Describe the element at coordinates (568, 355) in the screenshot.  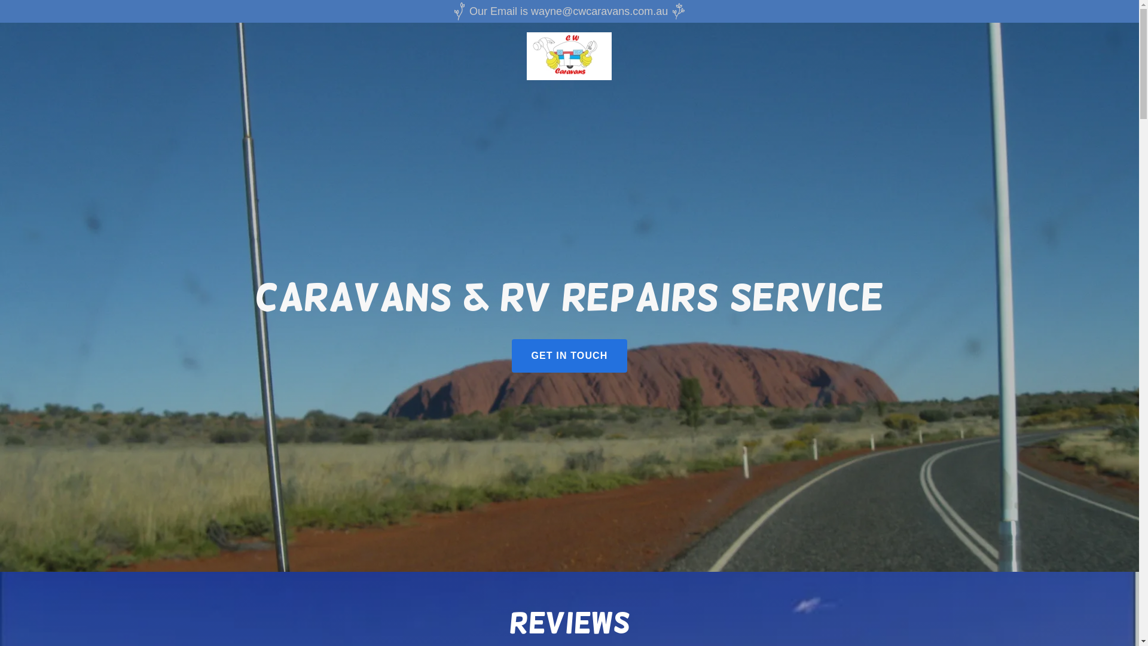
I see `'GET IN TOUCH'` at that location.